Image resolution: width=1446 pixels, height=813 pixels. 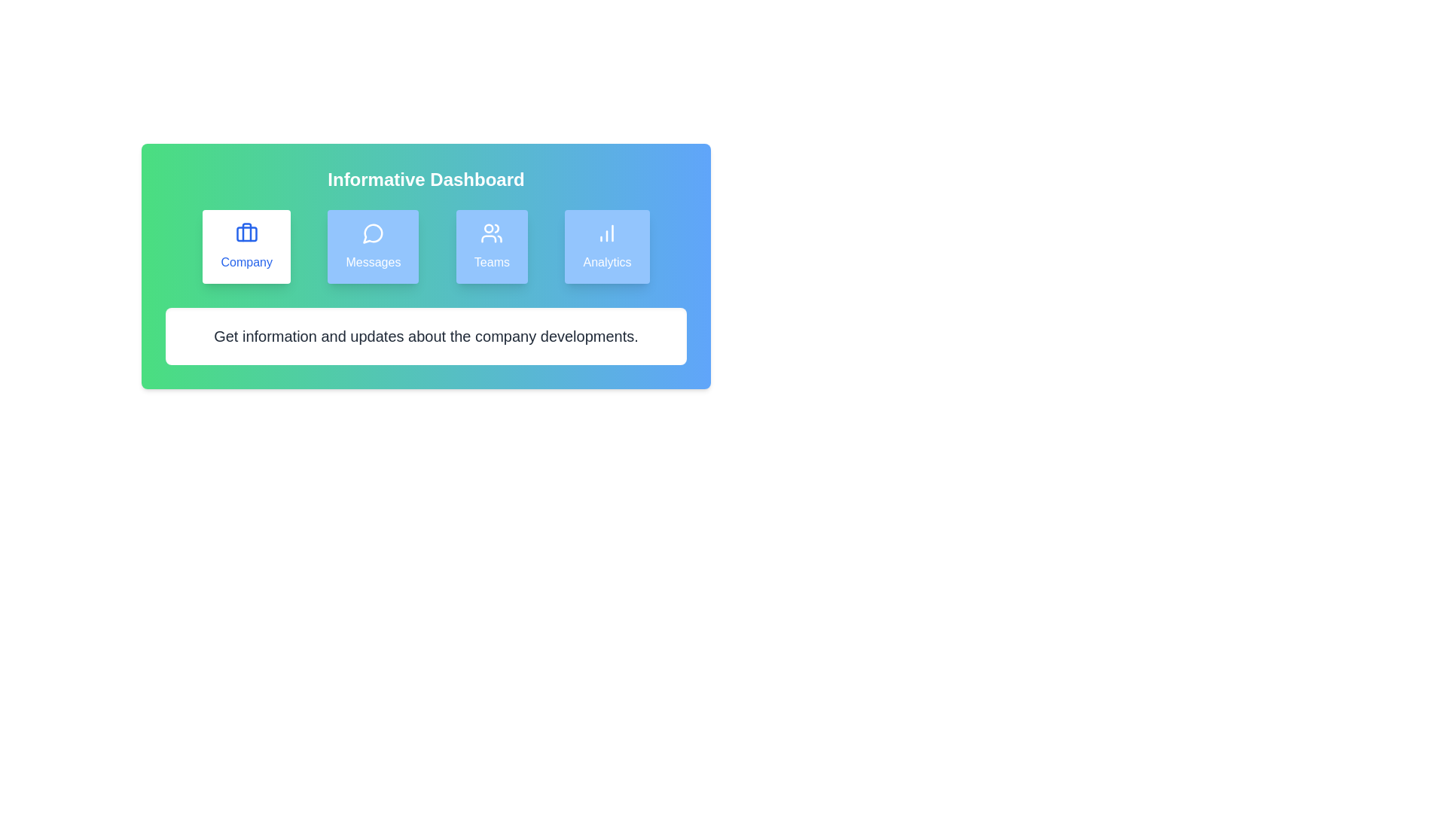 What do you see at coordinates (373, 245) in the screenshot?
I see `the 'Messages' button, which is the second button from the left in a row of four buttons, positioned between 'Company' and 'Teams'` at bounding box center [373, 245].